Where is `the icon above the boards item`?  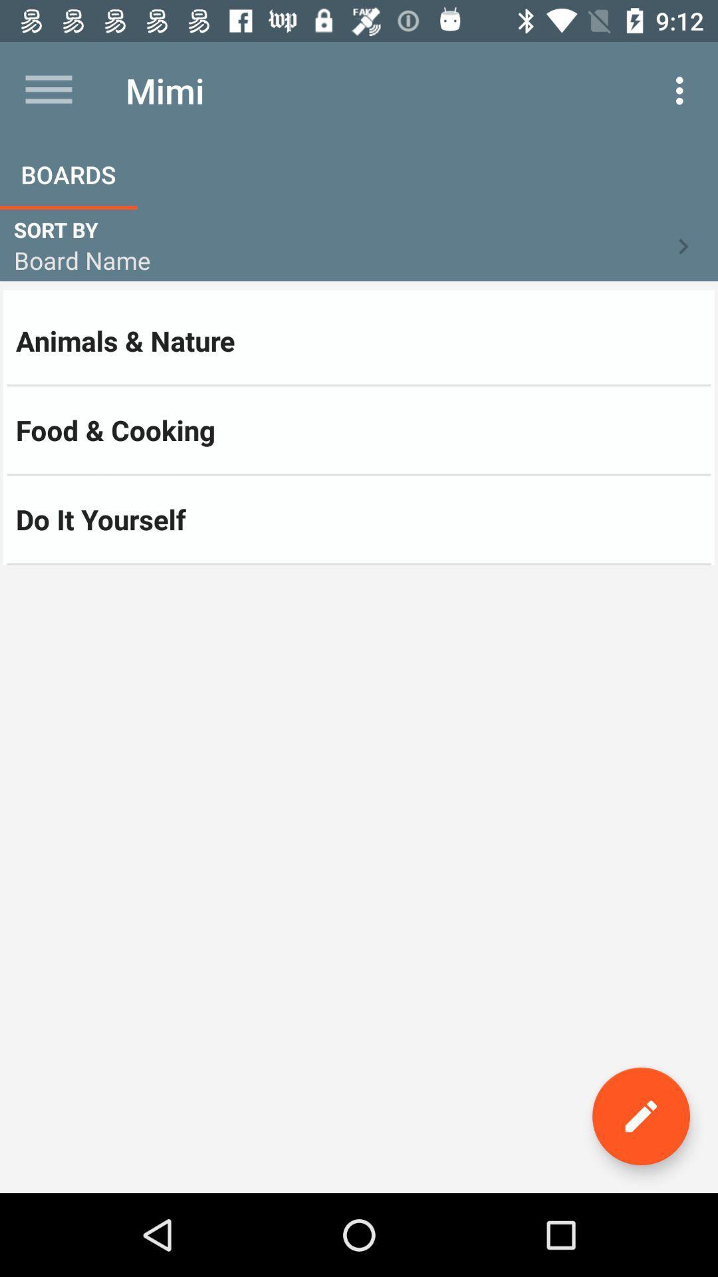
the icon above the boards item is located at coordinates (48, 90).